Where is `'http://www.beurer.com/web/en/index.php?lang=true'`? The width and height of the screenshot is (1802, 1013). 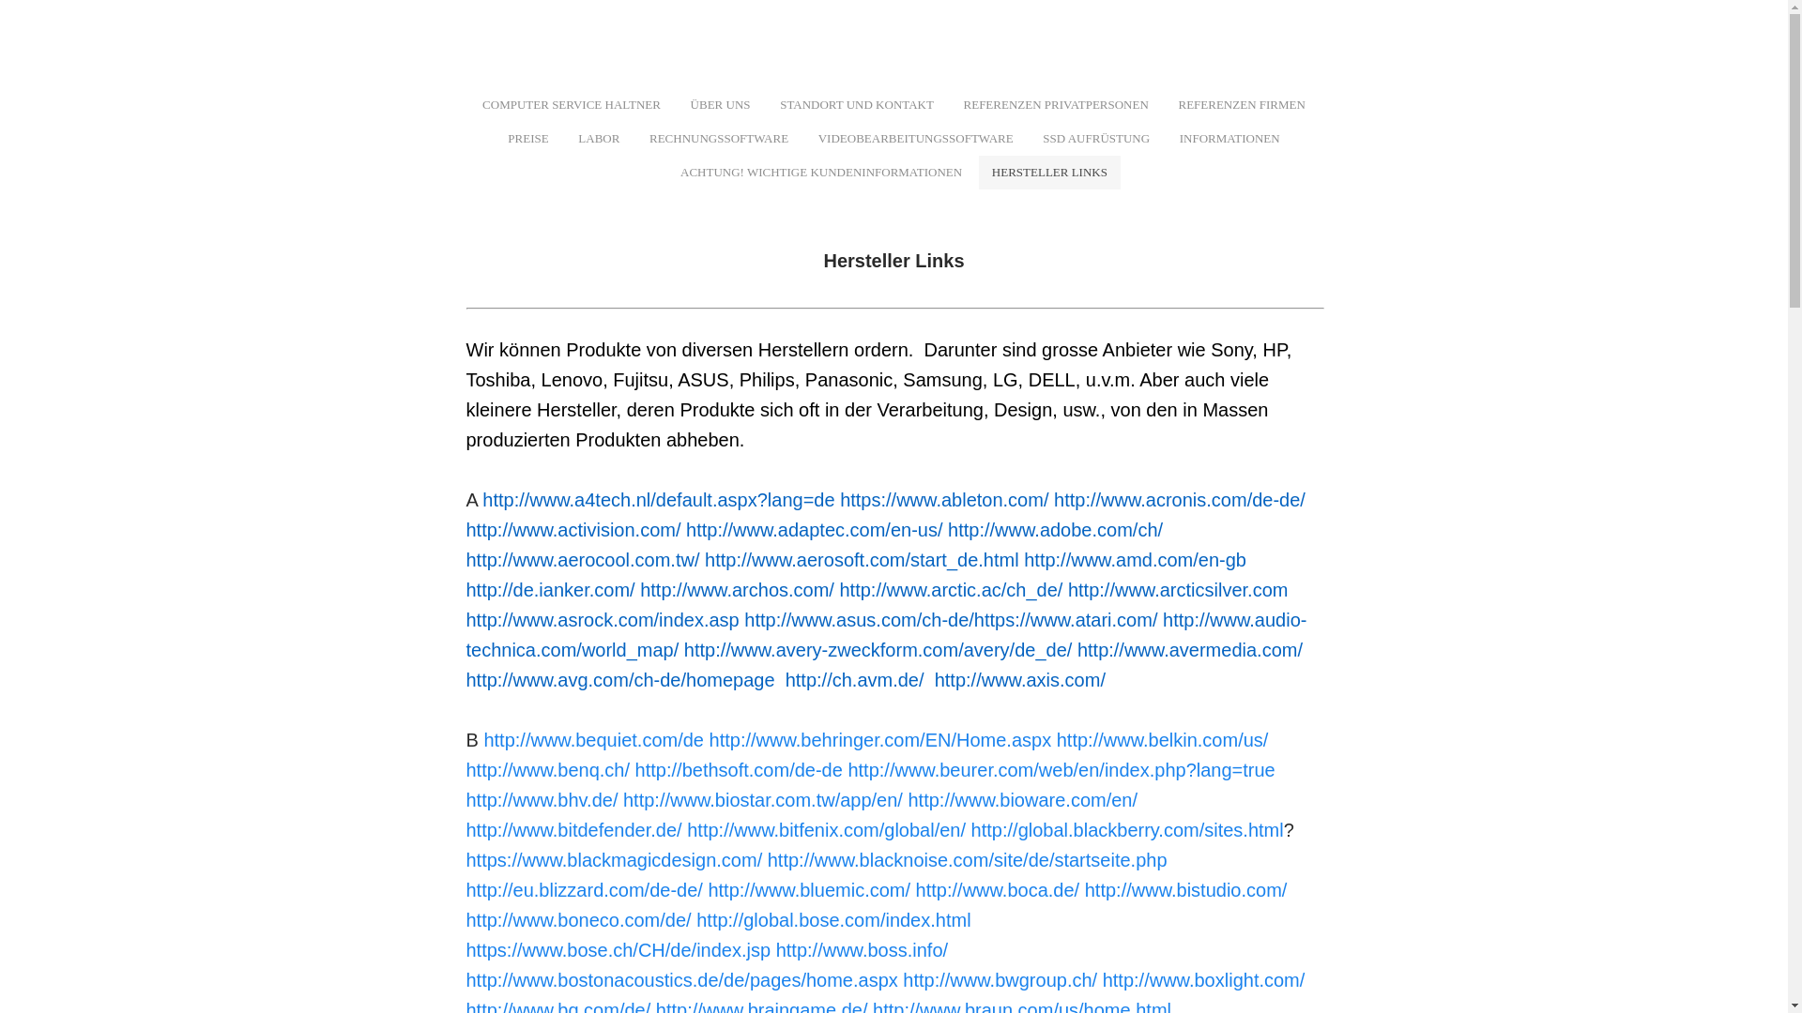
'http://www.beurer.com/web/en/index.php?lang=true' is located at coordinates (846, 770).